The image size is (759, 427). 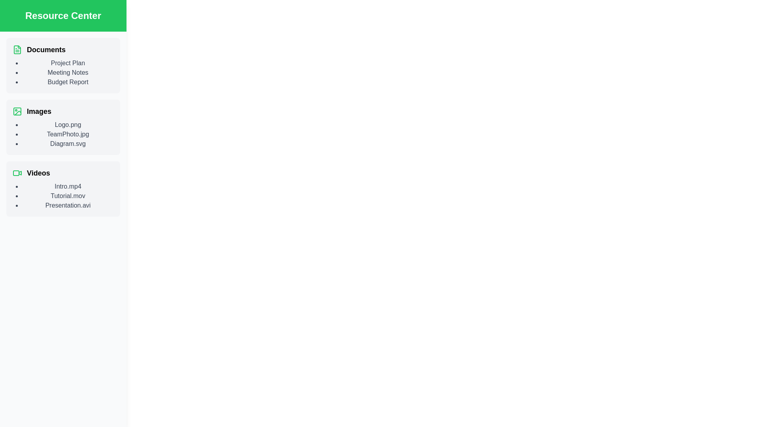 What do you see at coordinates (62, 111) in the screenshot?
I see `the category labeled Images to view its details` at bounding box center [62, 111].